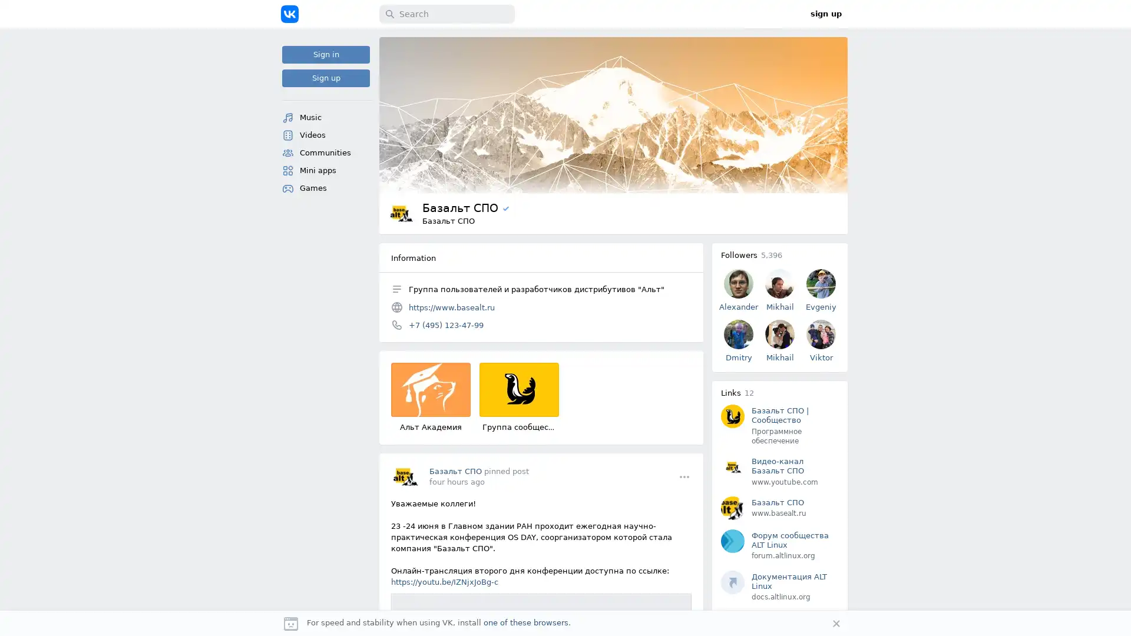 This screenshot has width=1131, height=636. Describe the element at coordinates (326, 54) in the screenshot. I see `Sign in` at that location.